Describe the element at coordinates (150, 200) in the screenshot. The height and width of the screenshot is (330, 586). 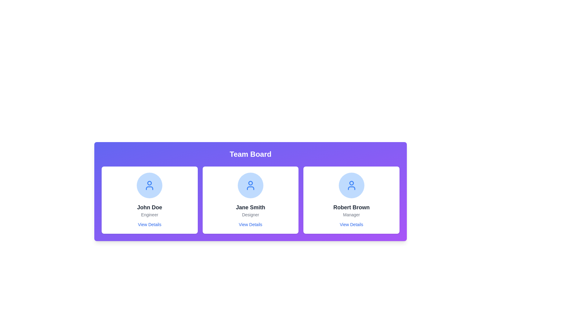
I see `the user profile card, which is the first card in a horizontally aligned group of three elements` at that location.